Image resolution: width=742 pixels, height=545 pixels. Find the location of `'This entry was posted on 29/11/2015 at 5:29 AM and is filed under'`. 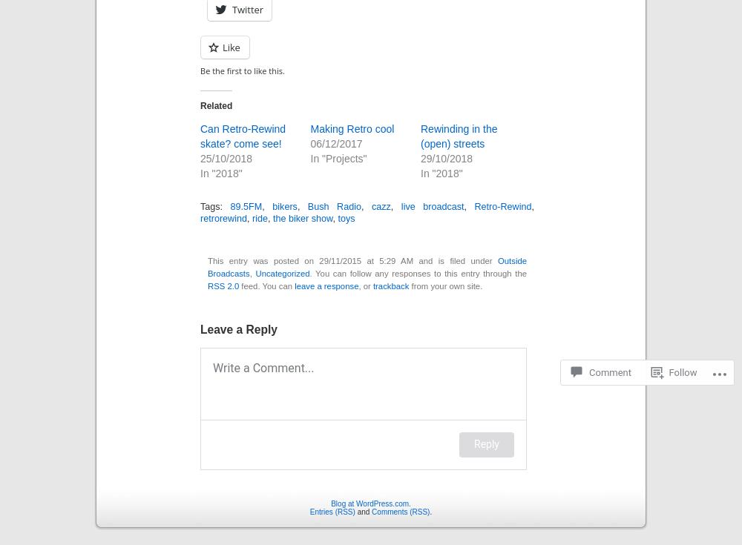

'This entry was posted on 29/11/2015 at 5:29 AM and is filed under' is located at coordinates (352, 260).